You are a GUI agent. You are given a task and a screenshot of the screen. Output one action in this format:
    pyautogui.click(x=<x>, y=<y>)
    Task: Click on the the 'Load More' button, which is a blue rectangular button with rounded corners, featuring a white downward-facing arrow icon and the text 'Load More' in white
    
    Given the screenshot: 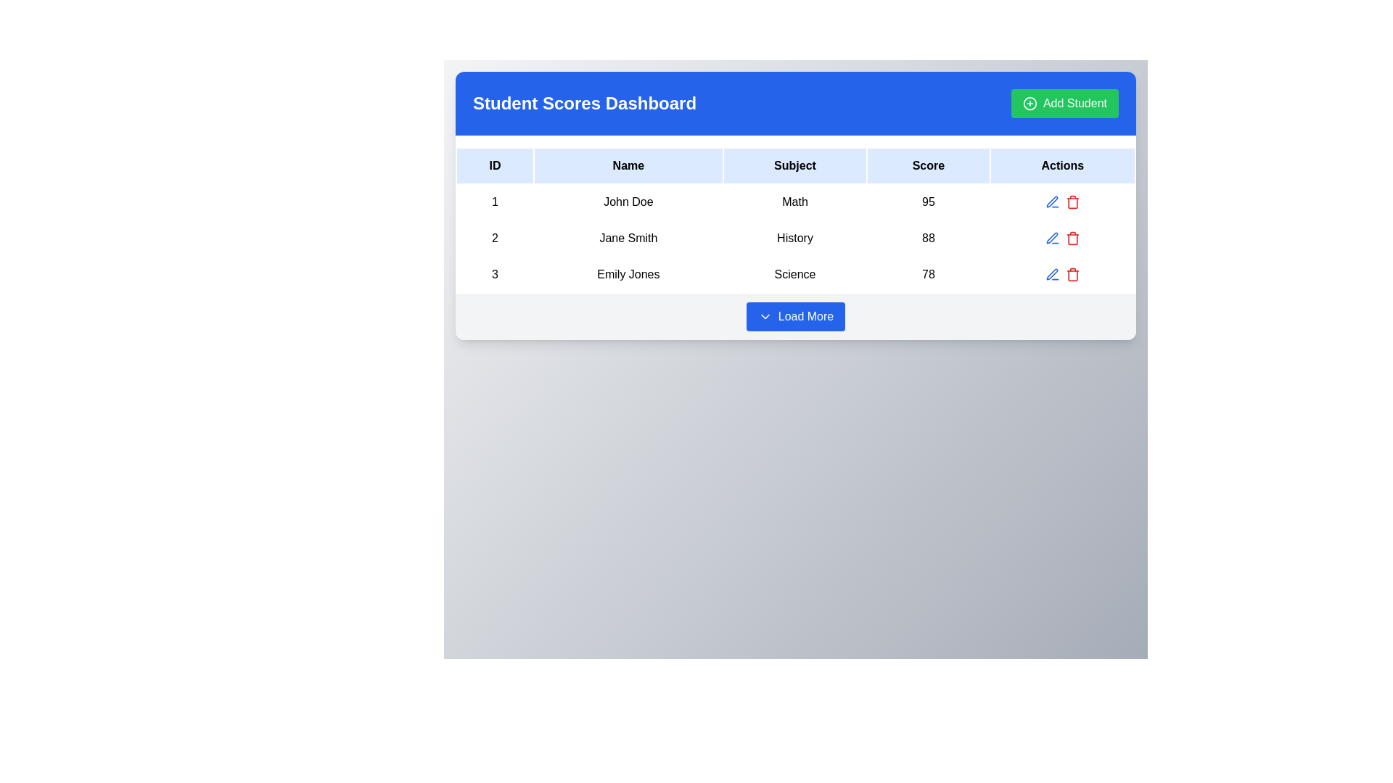 What is the action you would take?
    pyautogui.click(x=795, y=315)
    